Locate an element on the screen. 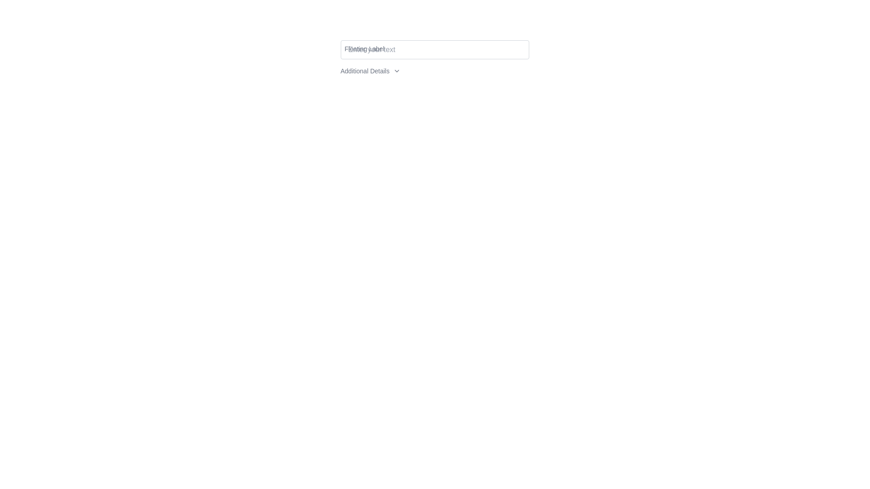 Image resolution: width=870 pixels, height=489 pixels. the floating text label above the text input field to trigger its hover state is located at coordinates (364, 49).